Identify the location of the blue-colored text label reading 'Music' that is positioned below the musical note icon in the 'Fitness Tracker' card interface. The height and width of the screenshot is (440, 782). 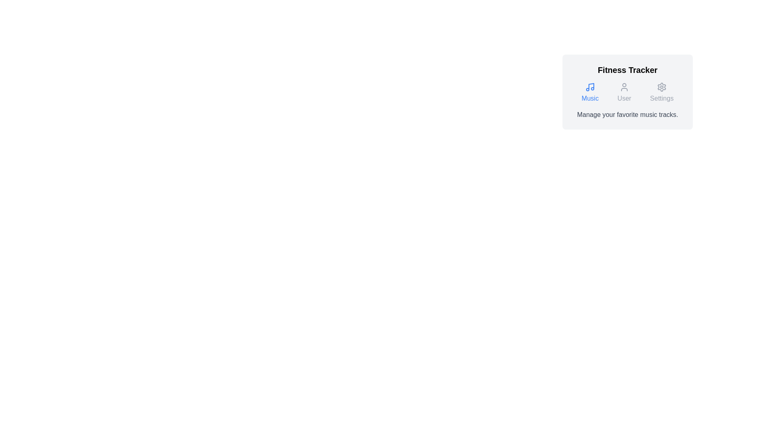
(590, 98).